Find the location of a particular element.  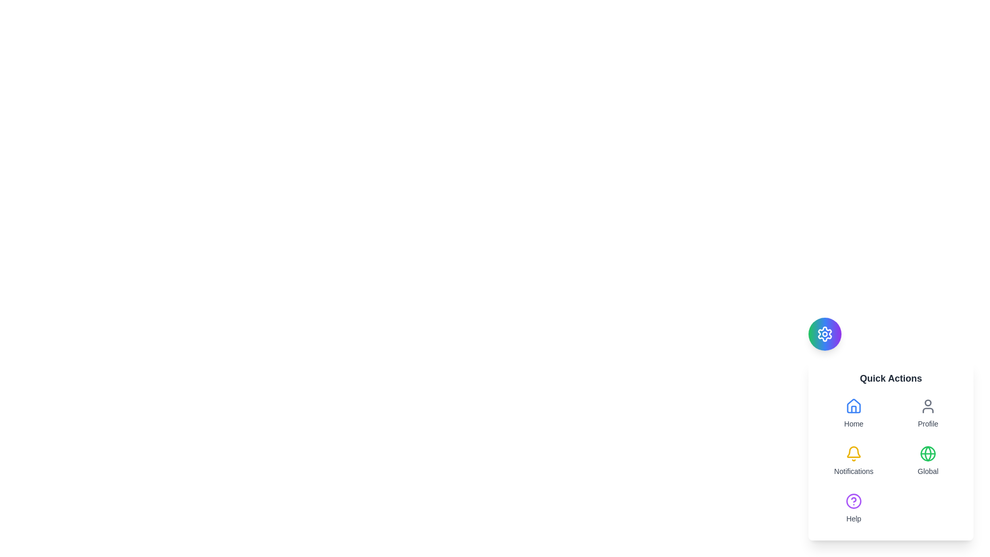

text label displaying 'Home' in a small, gray font located in the 'Quick Actions' menu below the house icon is located at coordinates (854, 423).